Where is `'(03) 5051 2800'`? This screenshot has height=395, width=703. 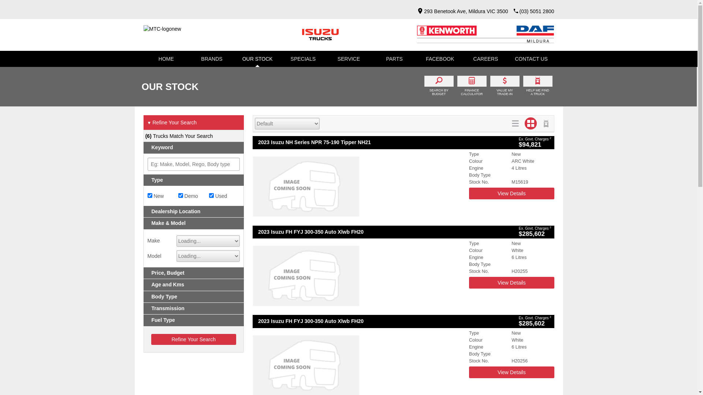 '(03) 5051 2800' is located at coordinates (537, 11).